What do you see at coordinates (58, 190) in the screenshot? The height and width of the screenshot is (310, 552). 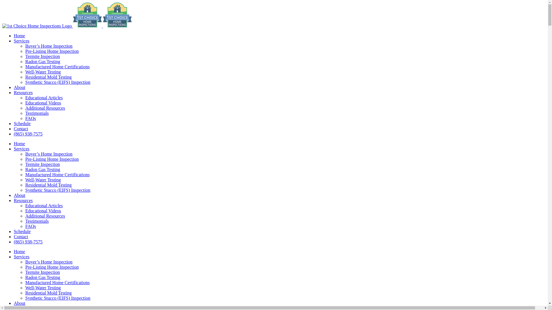 I see `'Synthetic Stucco (EIFS) Inspection'` at bounding box center [58, 190].